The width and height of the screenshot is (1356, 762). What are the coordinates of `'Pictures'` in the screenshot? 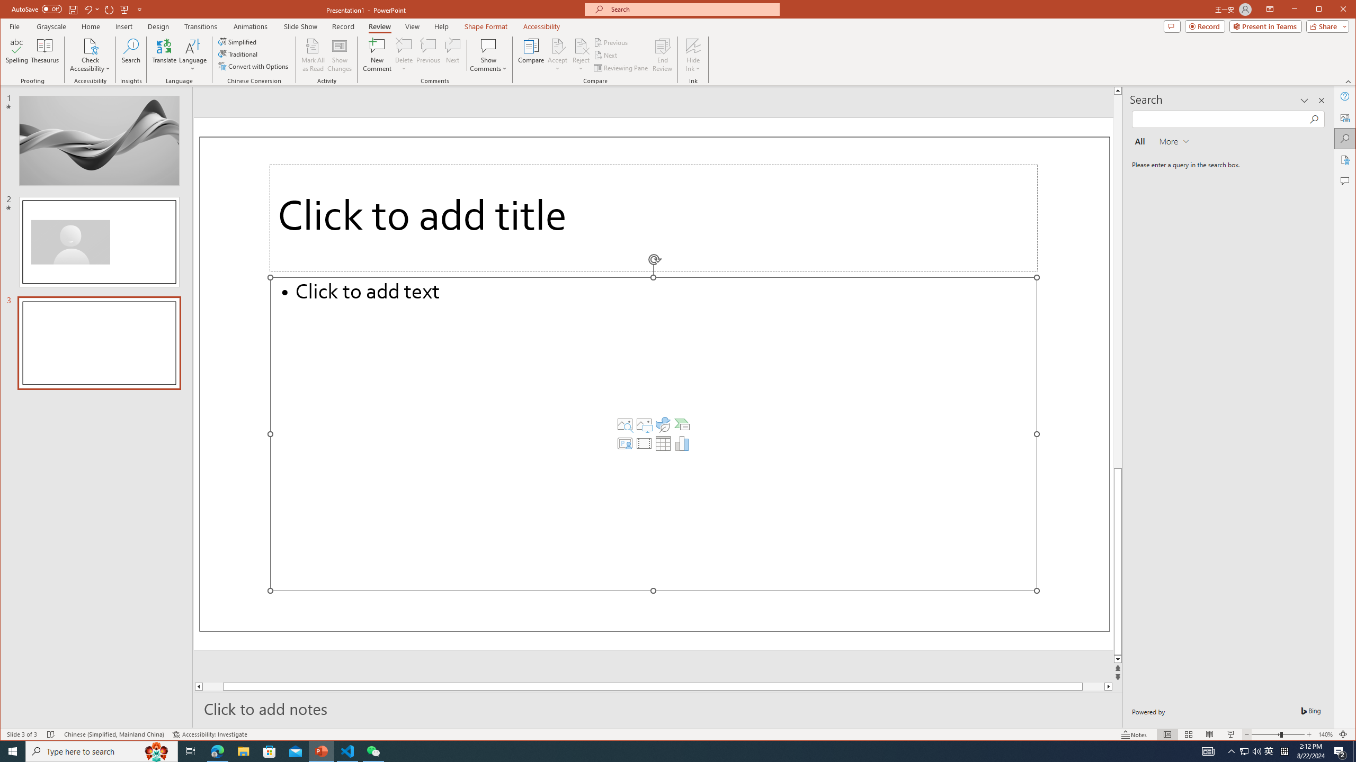 It's located at (644, 424).